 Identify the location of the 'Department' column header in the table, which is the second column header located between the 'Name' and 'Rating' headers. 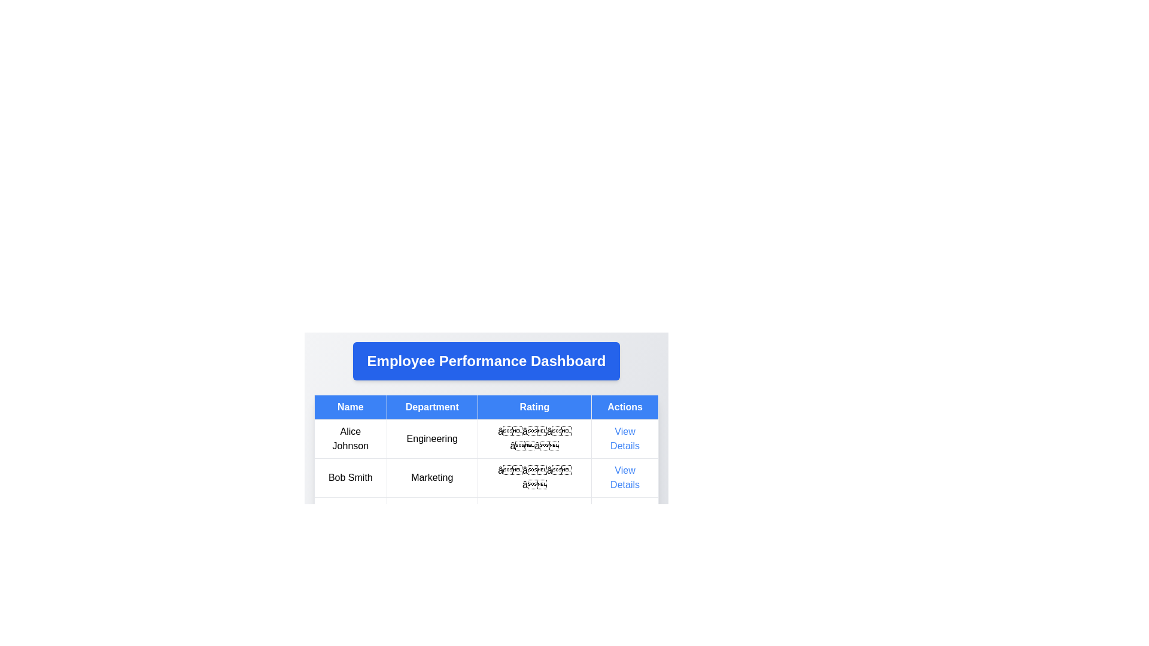
(431, 407).